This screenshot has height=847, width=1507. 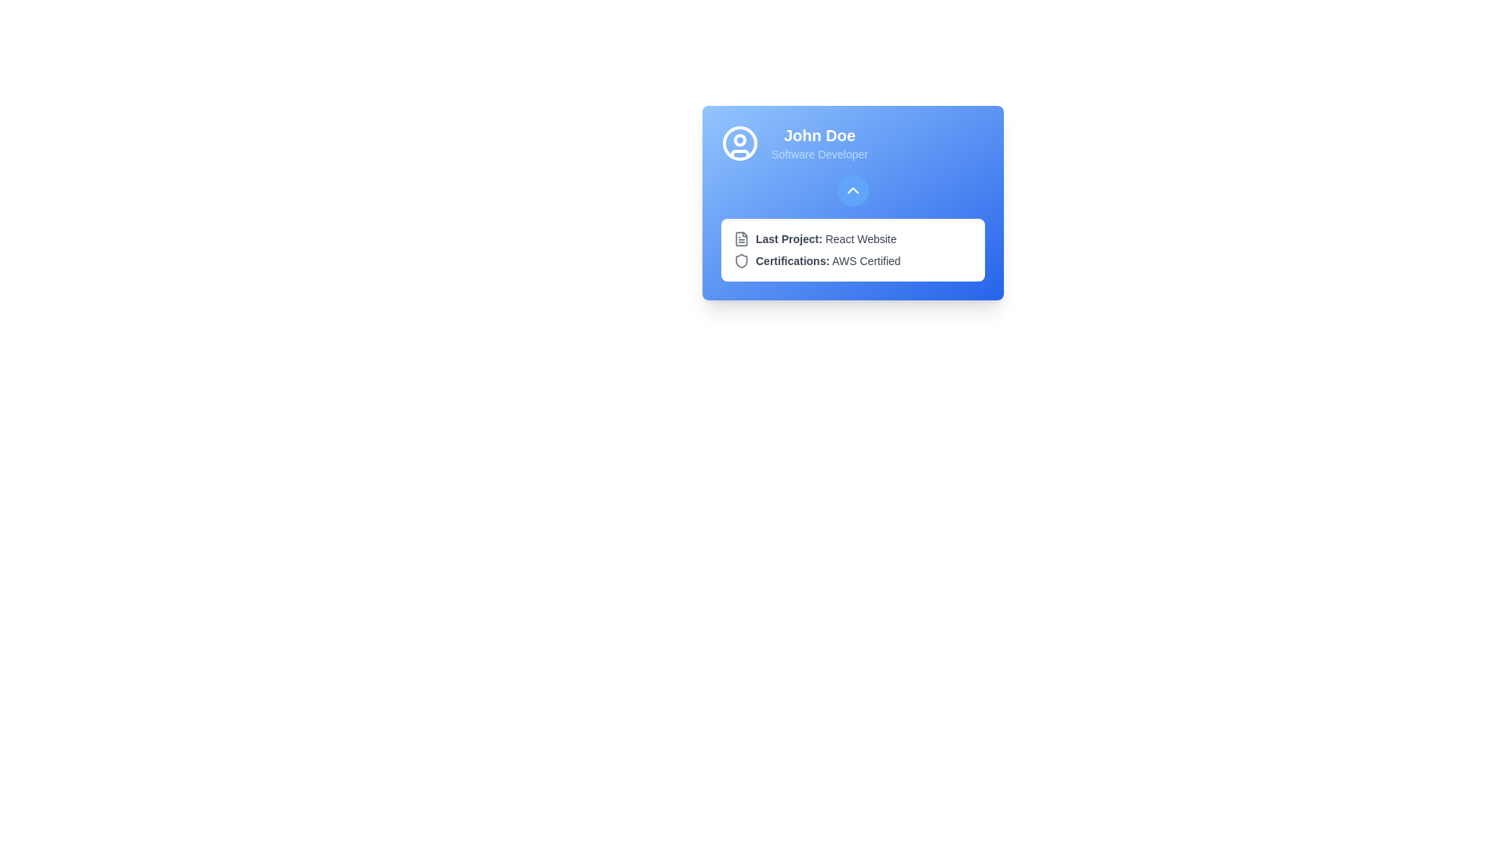 I want to click on the button located below the text 'Software Developer', so click(x=852, y=190).